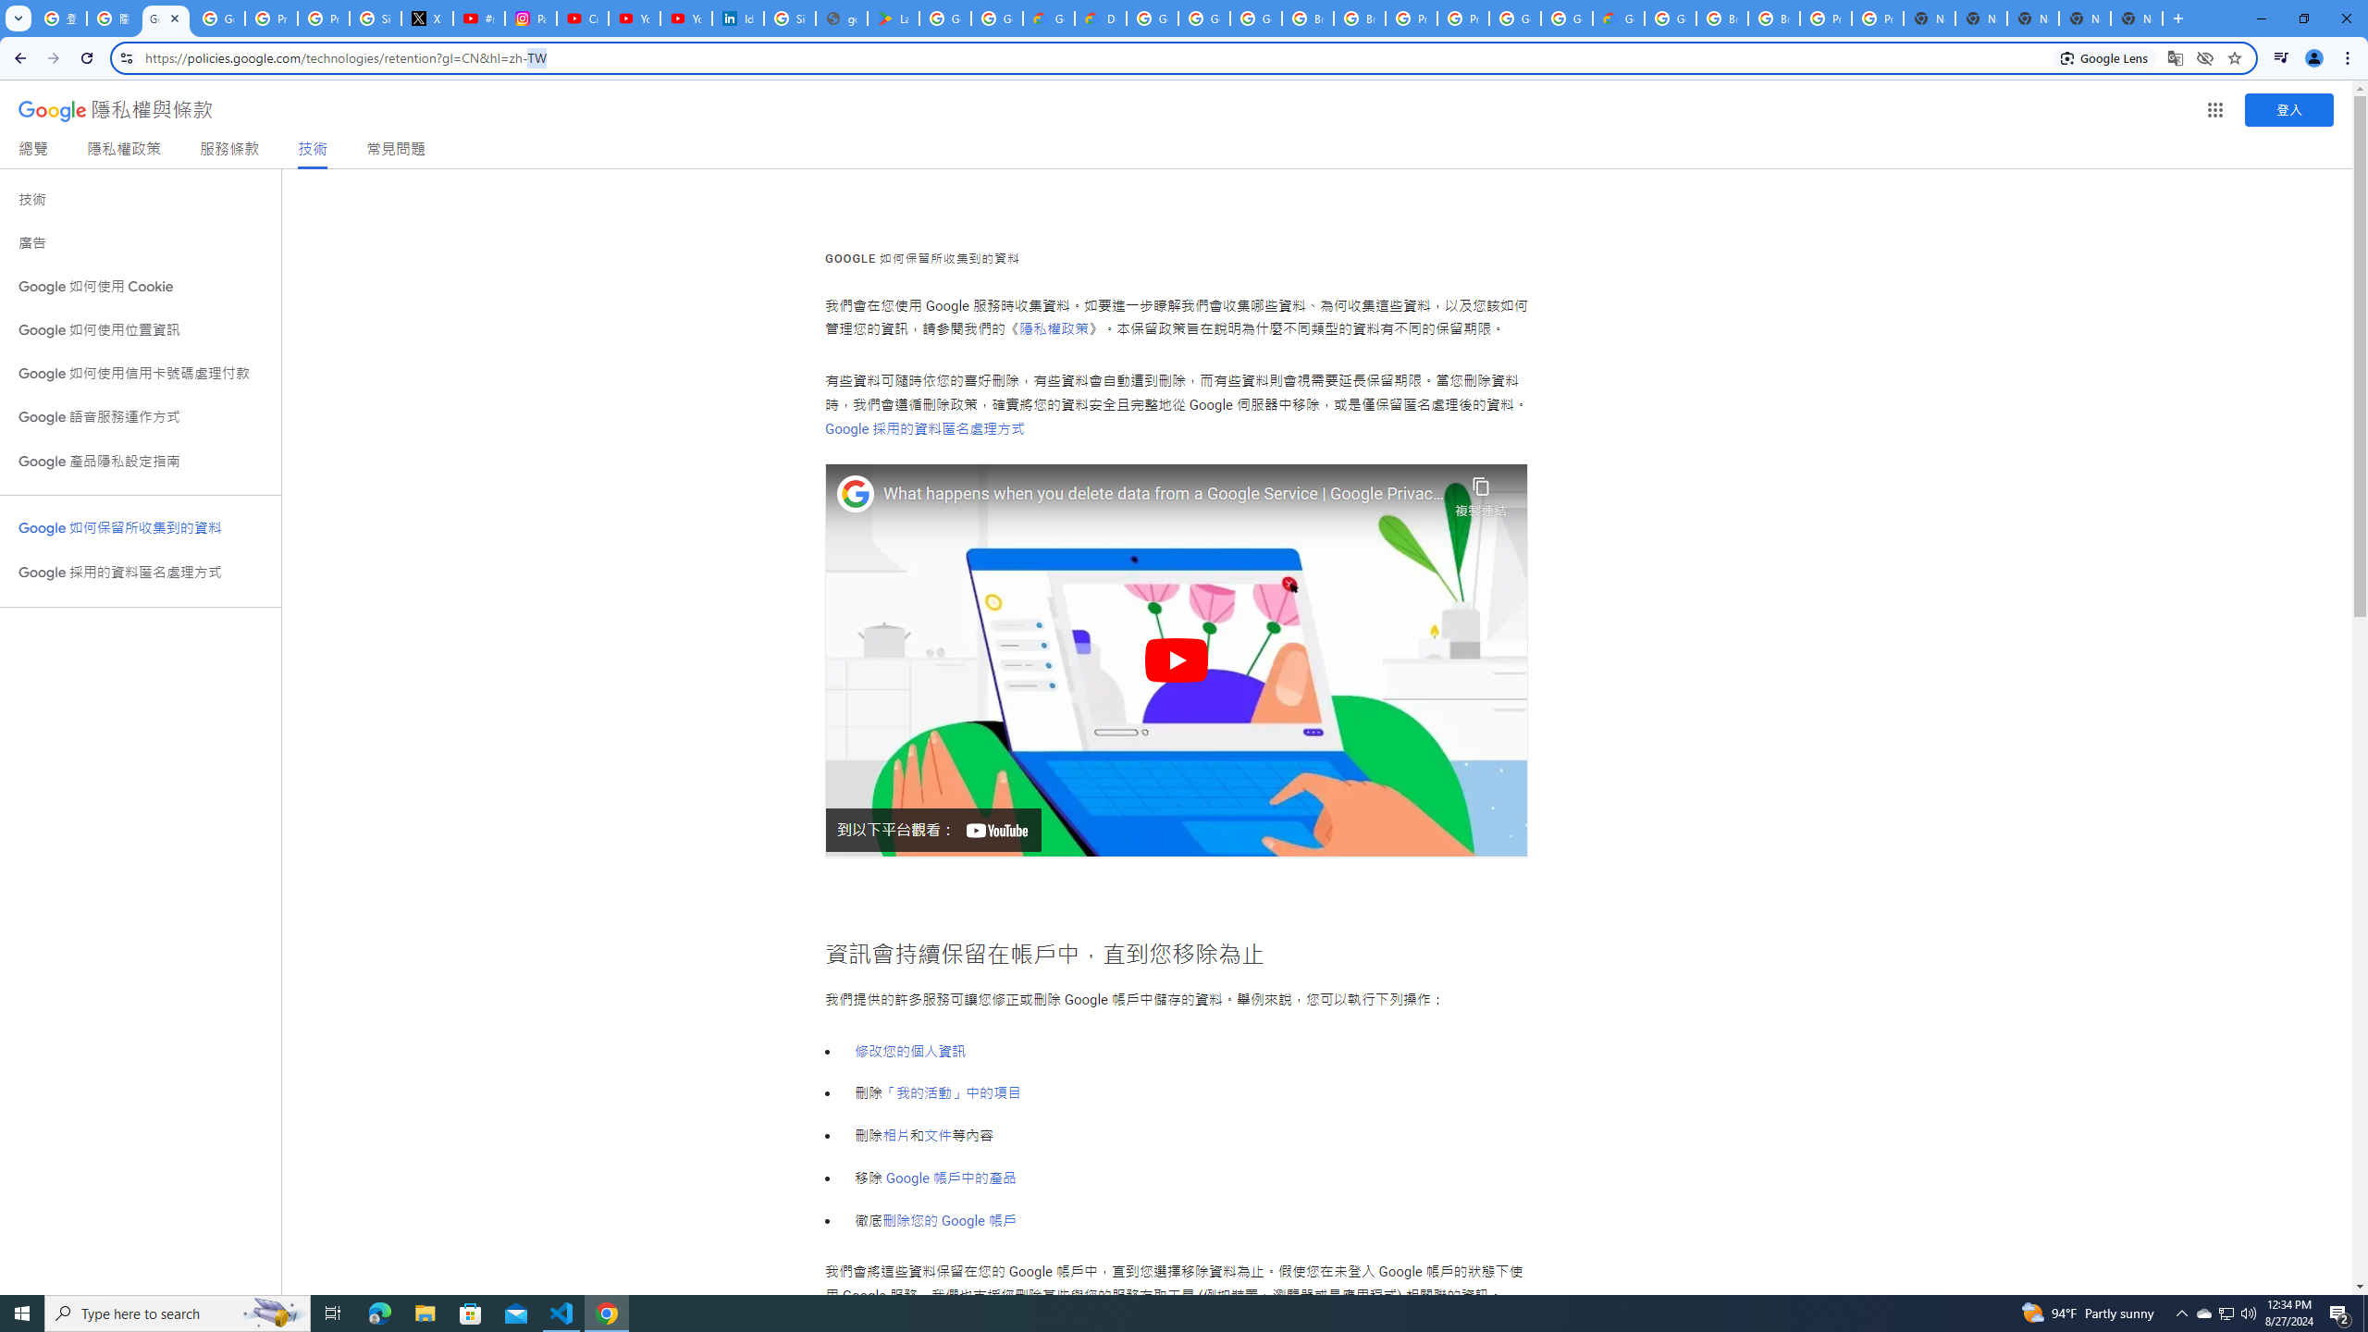  I want to click on 'Google Cloud Platform', so click(1670, 18).